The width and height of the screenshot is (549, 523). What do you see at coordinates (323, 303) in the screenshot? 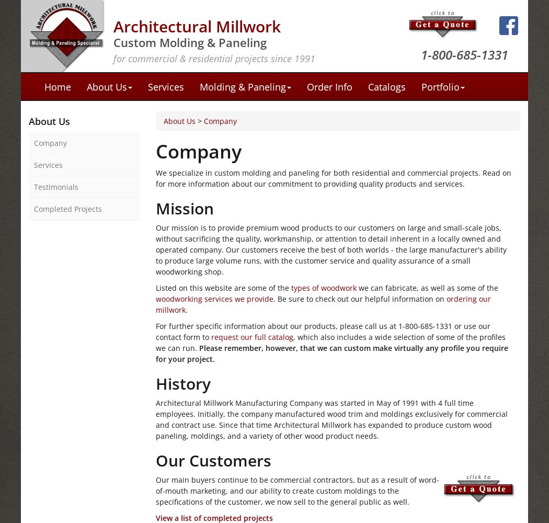
I see `'ordering our millwork'` at bounding box center [323, 303].